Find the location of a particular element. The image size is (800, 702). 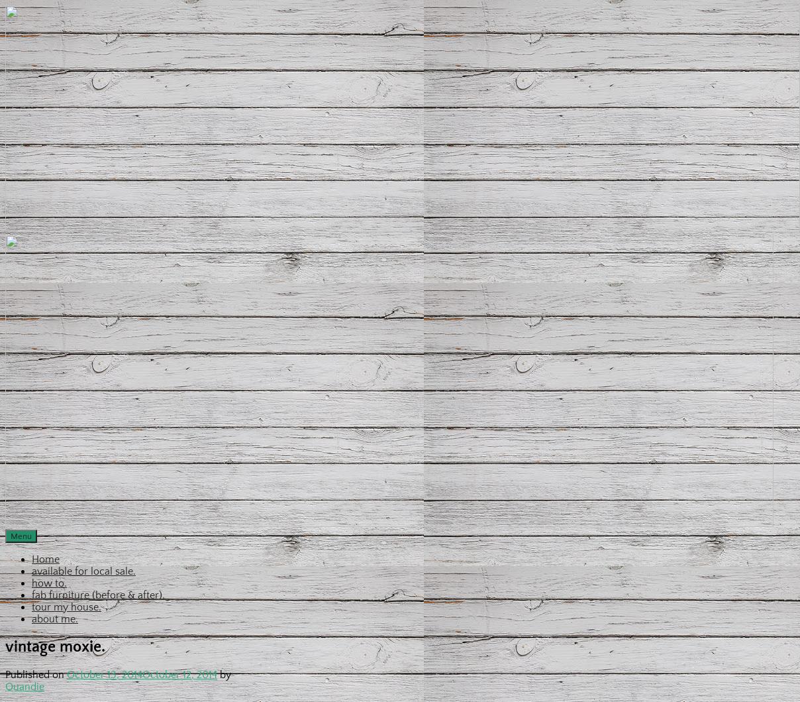

'tour my house.' is located at coordinates (66, 607).